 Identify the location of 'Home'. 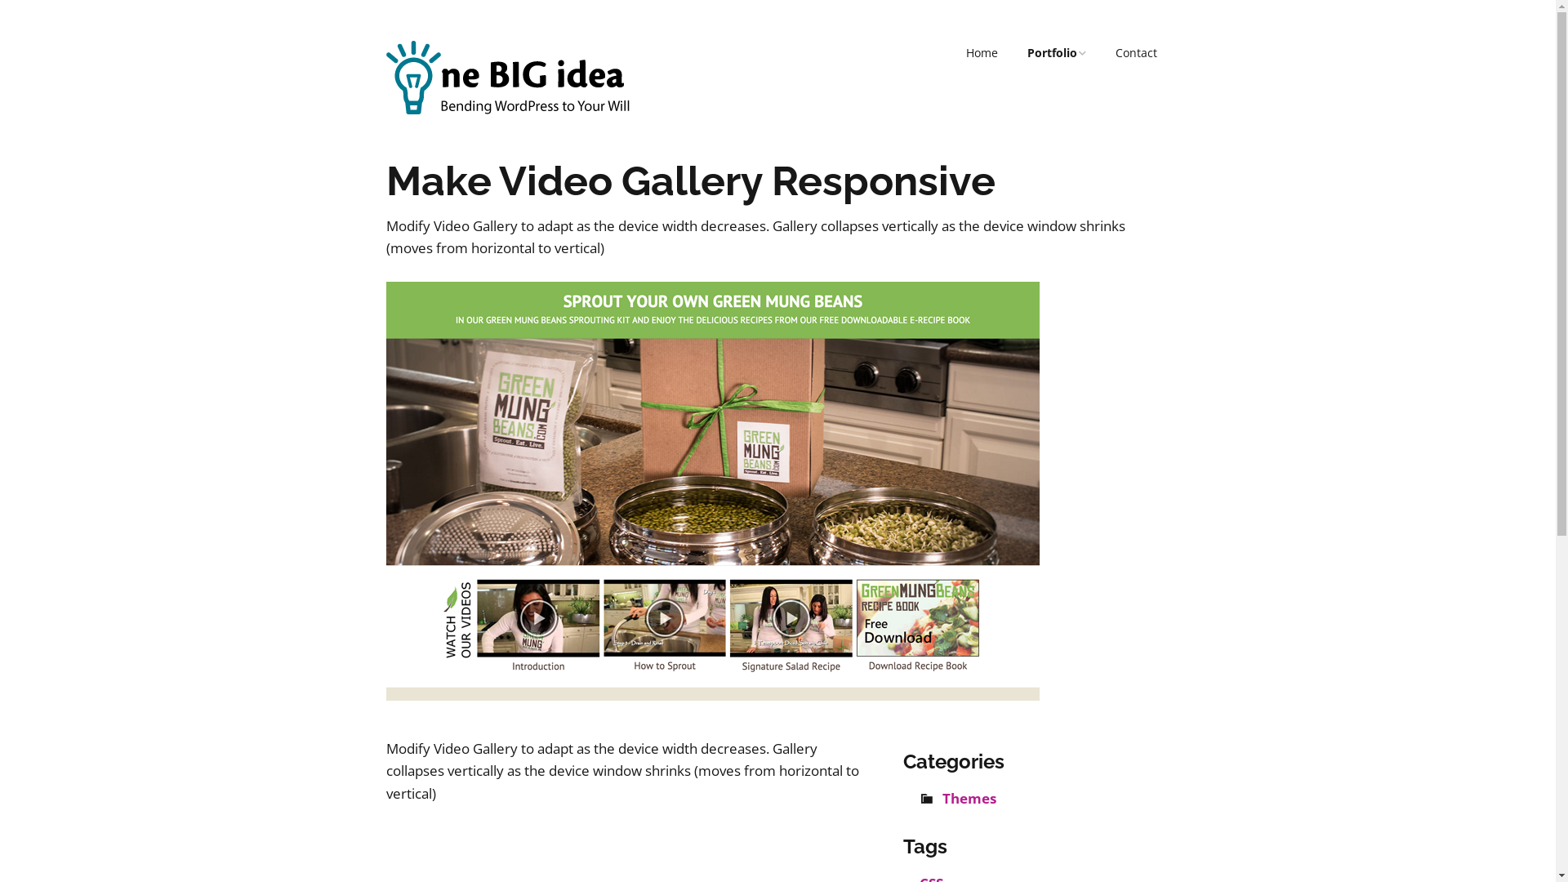
(952, 52).